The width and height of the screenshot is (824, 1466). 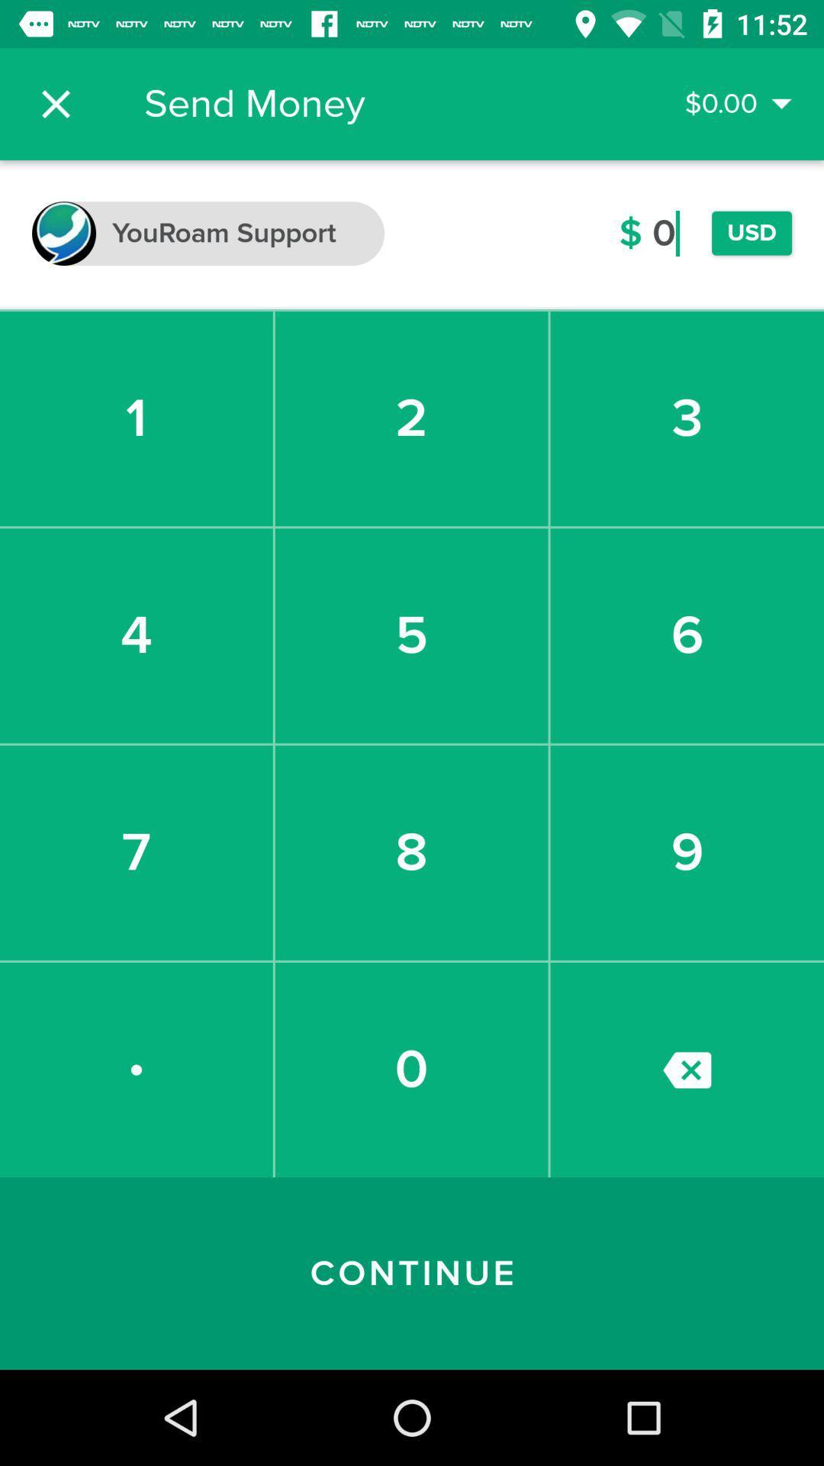 What do you see at coordinates (687, 635) in the screenshot?
I see `the 6 item` at bounding box center [687, 635].